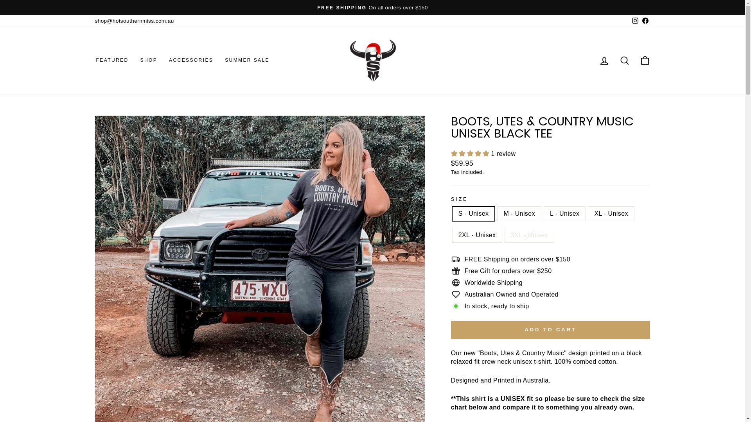  What do you see at coordinates (604, 60) in the screenshot?
I see `'LOG IN'` at bounding box center [604, 60].